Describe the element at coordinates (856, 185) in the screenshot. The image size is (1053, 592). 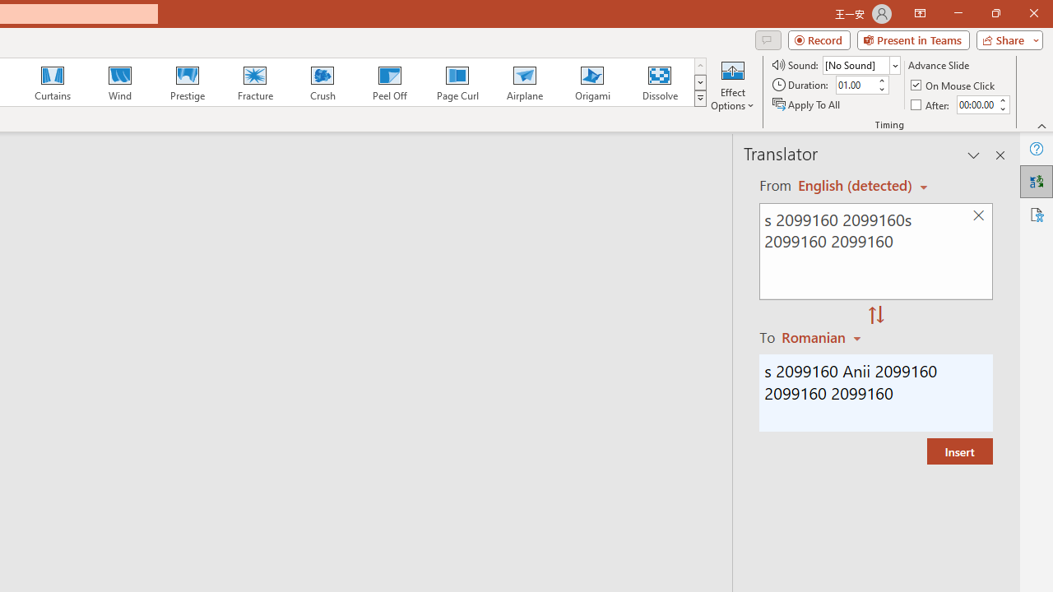
I see `'Czech (detected)'` at that location.